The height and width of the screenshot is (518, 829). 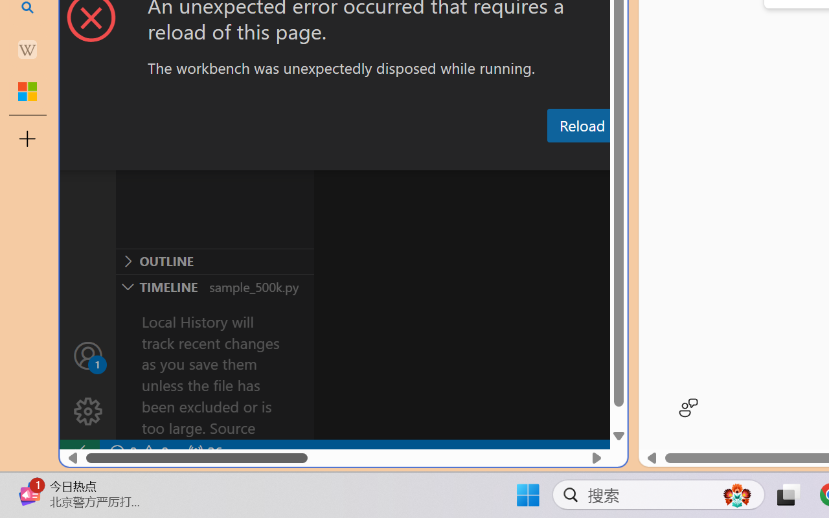 I want to click on 'Accounts - Sign in requested', so click(x=87, y=355).